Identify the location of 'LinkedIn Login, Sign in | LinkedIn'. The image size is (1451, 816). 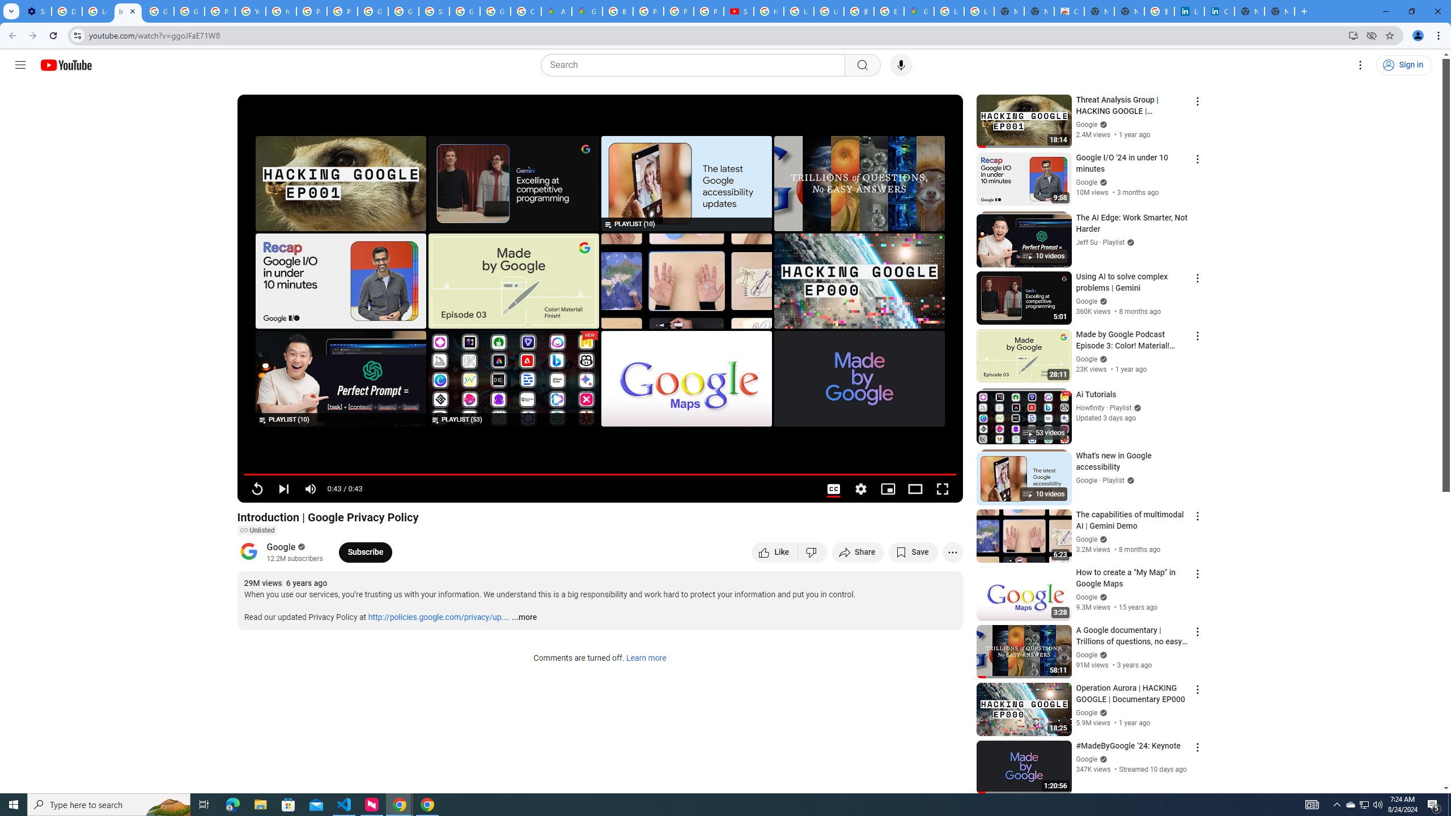
(1190, 11).